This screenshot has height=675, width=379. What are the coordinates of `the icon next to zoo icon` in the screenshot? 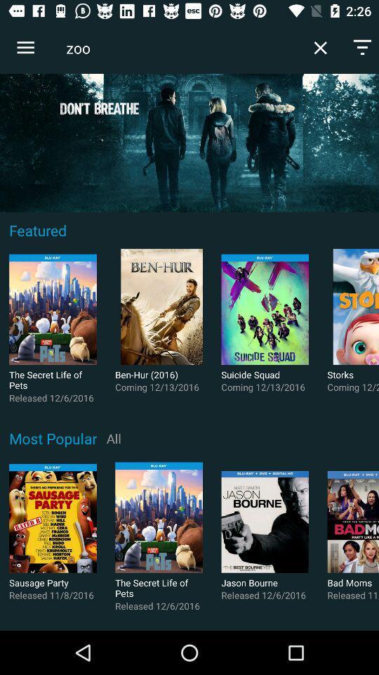 It's located at (25, 48).